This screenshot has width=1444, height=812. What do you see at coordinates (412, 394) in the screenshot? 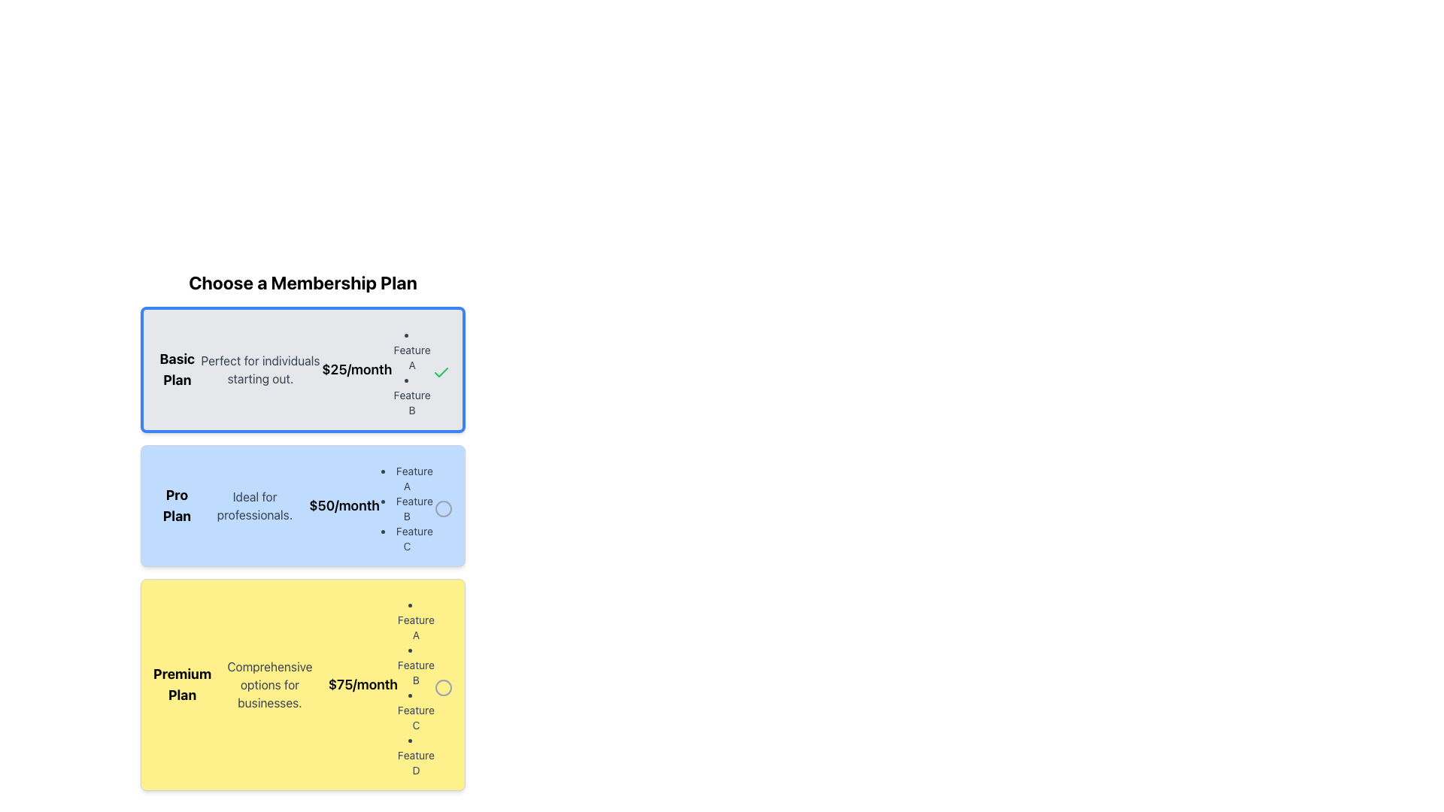
I see `the 'Feature B' text label, which describes an included feature in the 'Basic Plan' section, located directly beneath 'Feature A'` at bounding box center [412, 394].